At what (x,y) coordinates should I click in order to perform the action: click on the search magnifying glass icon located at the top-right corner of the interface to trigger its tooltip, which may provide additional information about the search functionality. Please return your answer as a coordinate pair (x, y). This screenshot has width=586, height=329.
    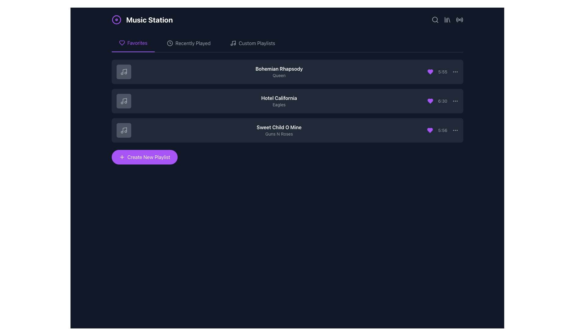
    Looking at the image, I should click on (435, 19).